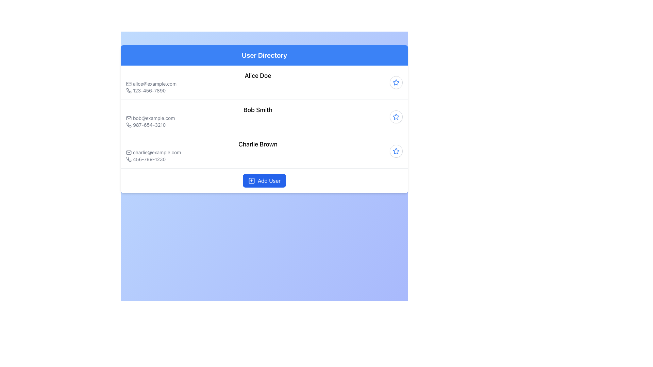  I want to click on the button that adds new entries to the User Directory, so click(264, 180).